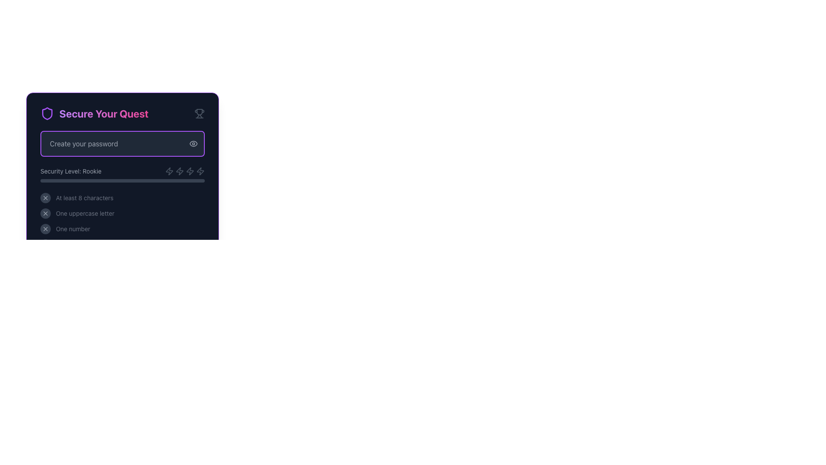 This screenshot has height=465, width=826. What do you see at coordinates (122, 198) in the screenshot?
I see `the first checklist item indicating that the password must contain at least 8 characters, located below the 'Security Level: Rookie' section` at bounding box center [122, 198].